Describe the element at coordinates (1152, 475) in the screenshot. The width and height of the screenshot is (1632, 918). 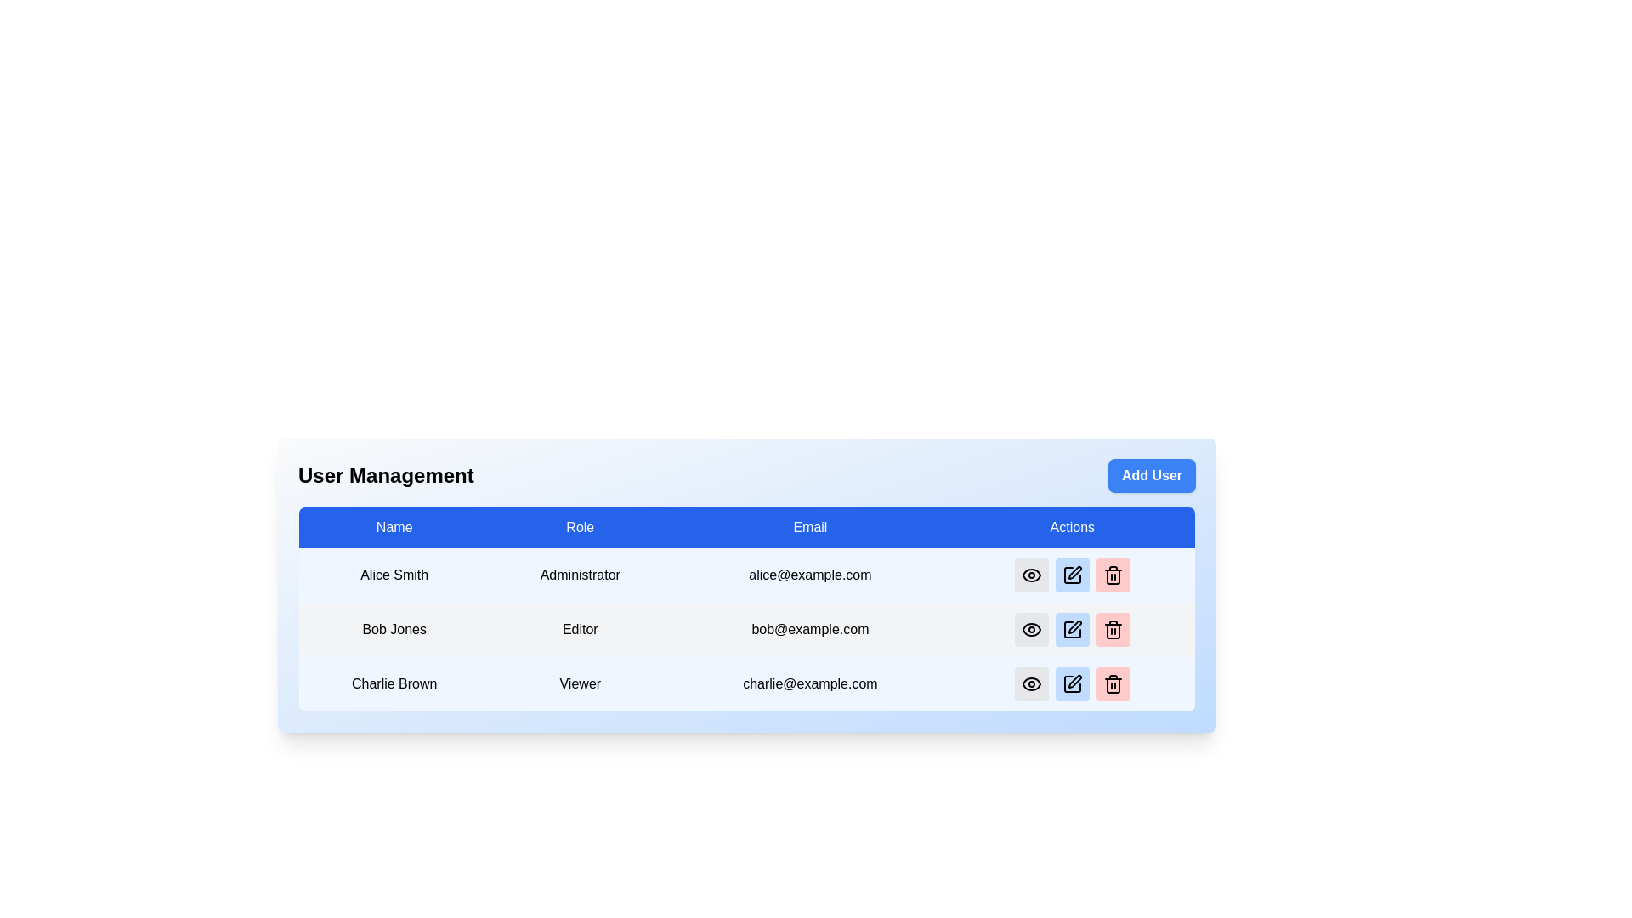
I see `the button located in the top-right corner of the 'User Management' section` at that location.